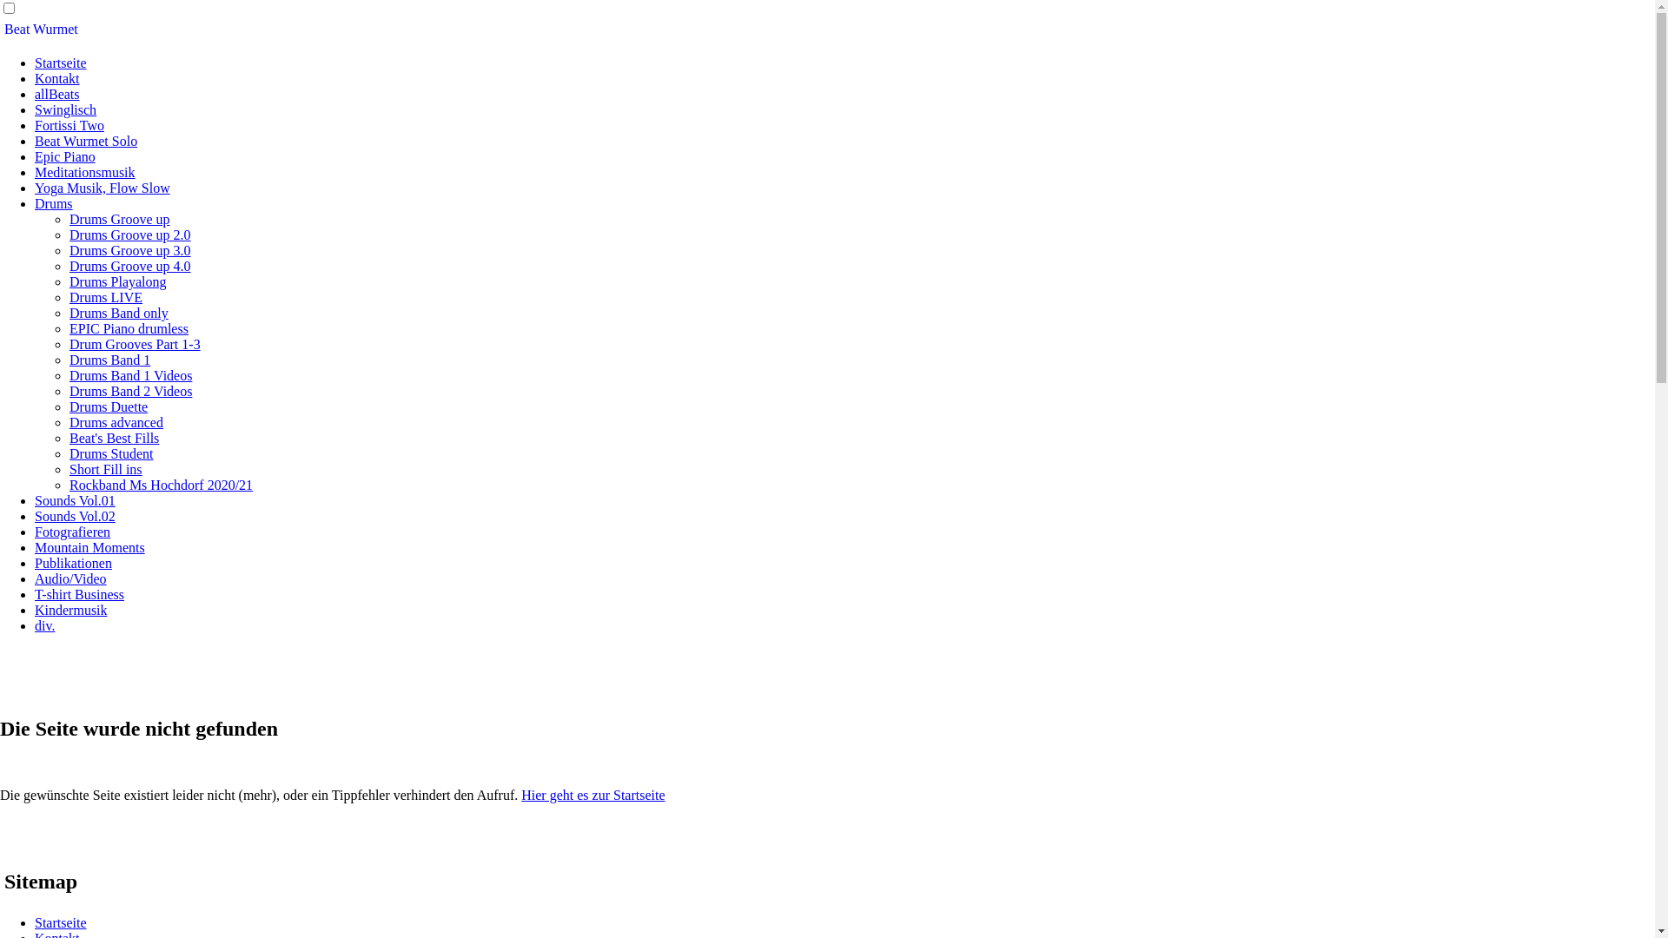 Image resolution: width=1668 pixels, height=938 pixels. What do you see at coordinates (128, 328) in the screenshot?
I see `'EPIC Piano drumless'` at bounding box center [128, 328].